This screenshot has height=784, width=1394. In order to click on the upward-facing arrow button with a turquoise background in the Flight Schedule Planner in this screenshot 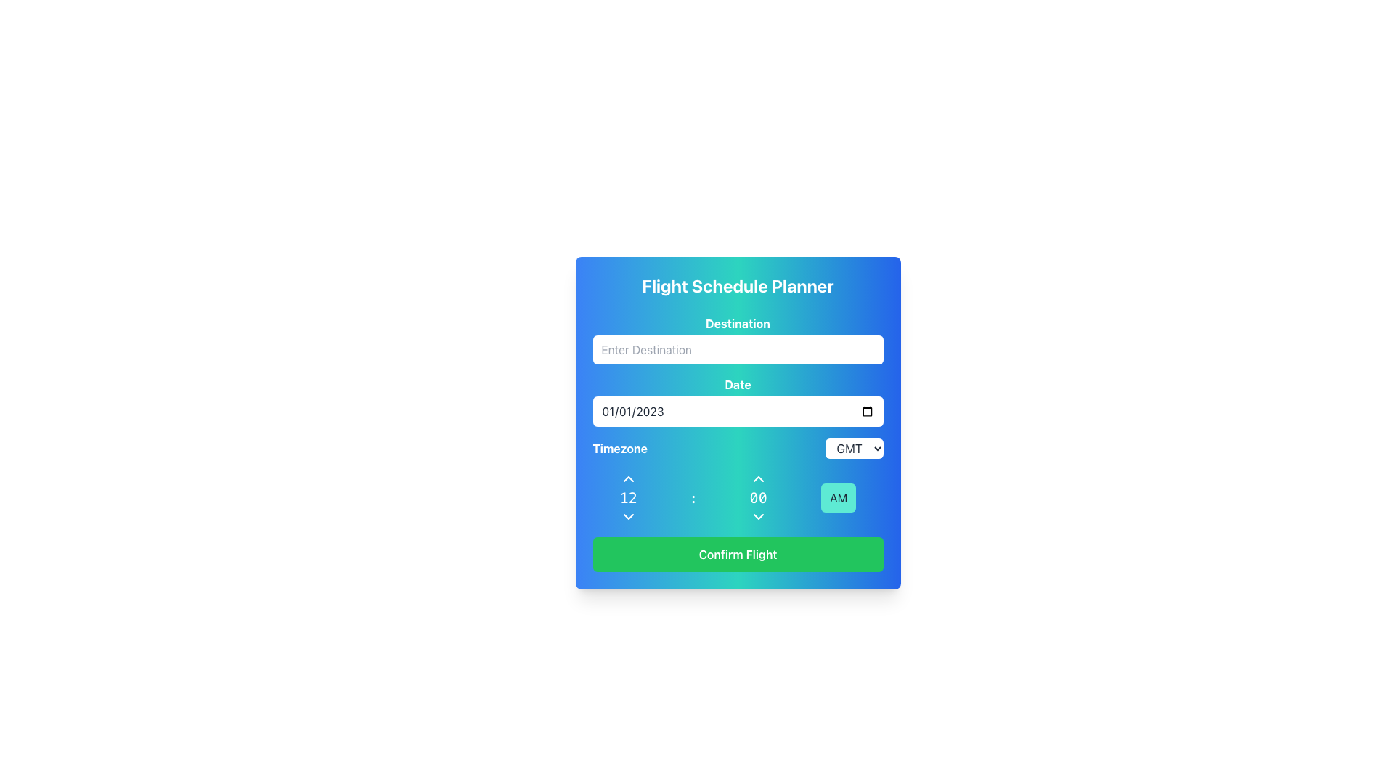, I will do `click(757, 478)`.